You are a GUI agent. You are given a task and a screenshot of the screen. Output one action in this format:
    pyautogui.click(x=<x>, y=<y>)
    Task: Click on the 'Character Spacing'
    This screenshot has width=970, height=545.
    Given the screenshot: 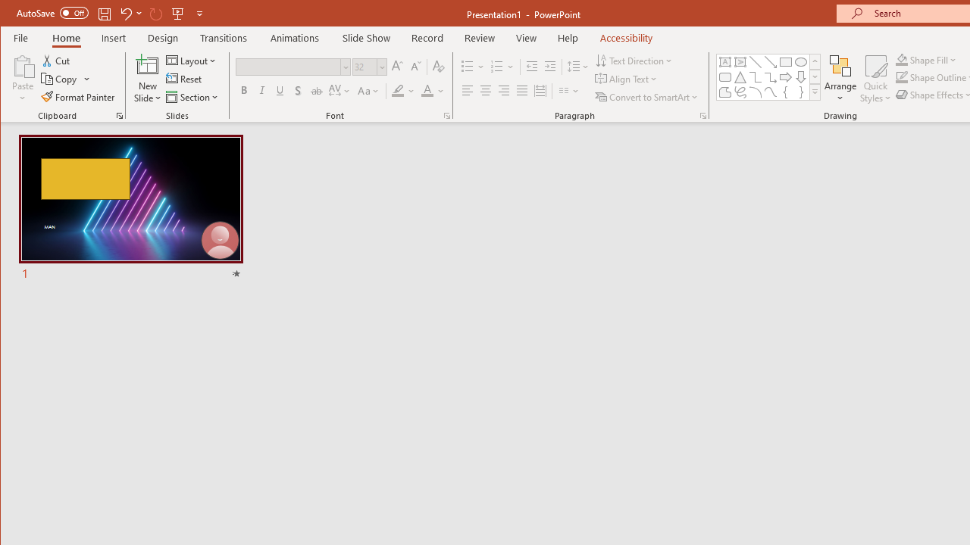 What is the action you would take?
    pyautogui.click(x=339, y=91)
    